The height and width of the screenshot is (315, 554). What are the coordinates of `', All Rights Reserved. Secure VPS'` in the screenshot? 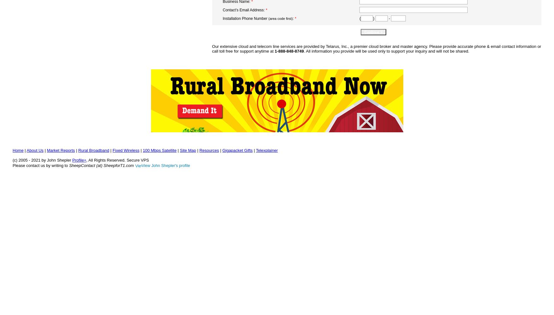 It's located at (117, 160).